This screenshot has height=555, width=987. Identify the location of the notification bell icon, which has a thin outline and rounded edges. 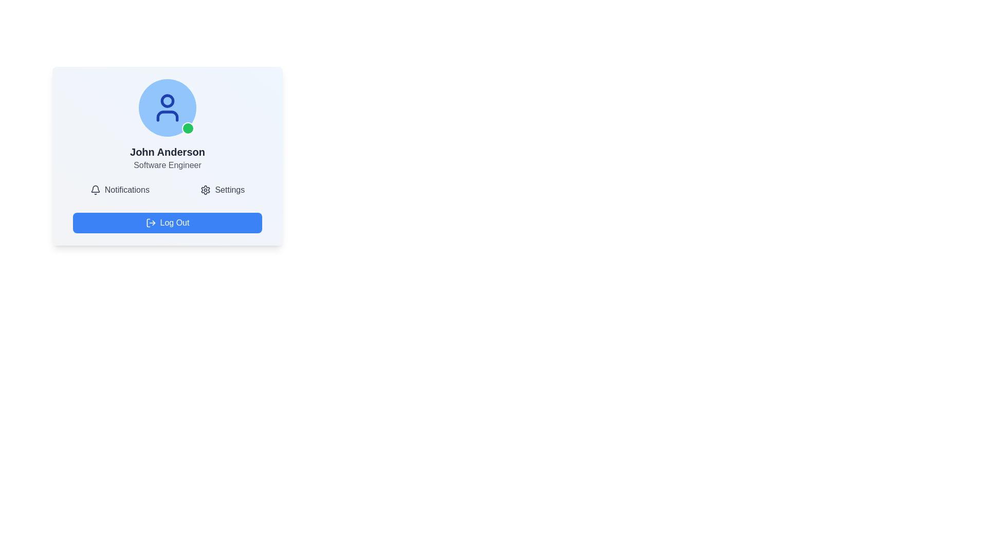
(95, 190).